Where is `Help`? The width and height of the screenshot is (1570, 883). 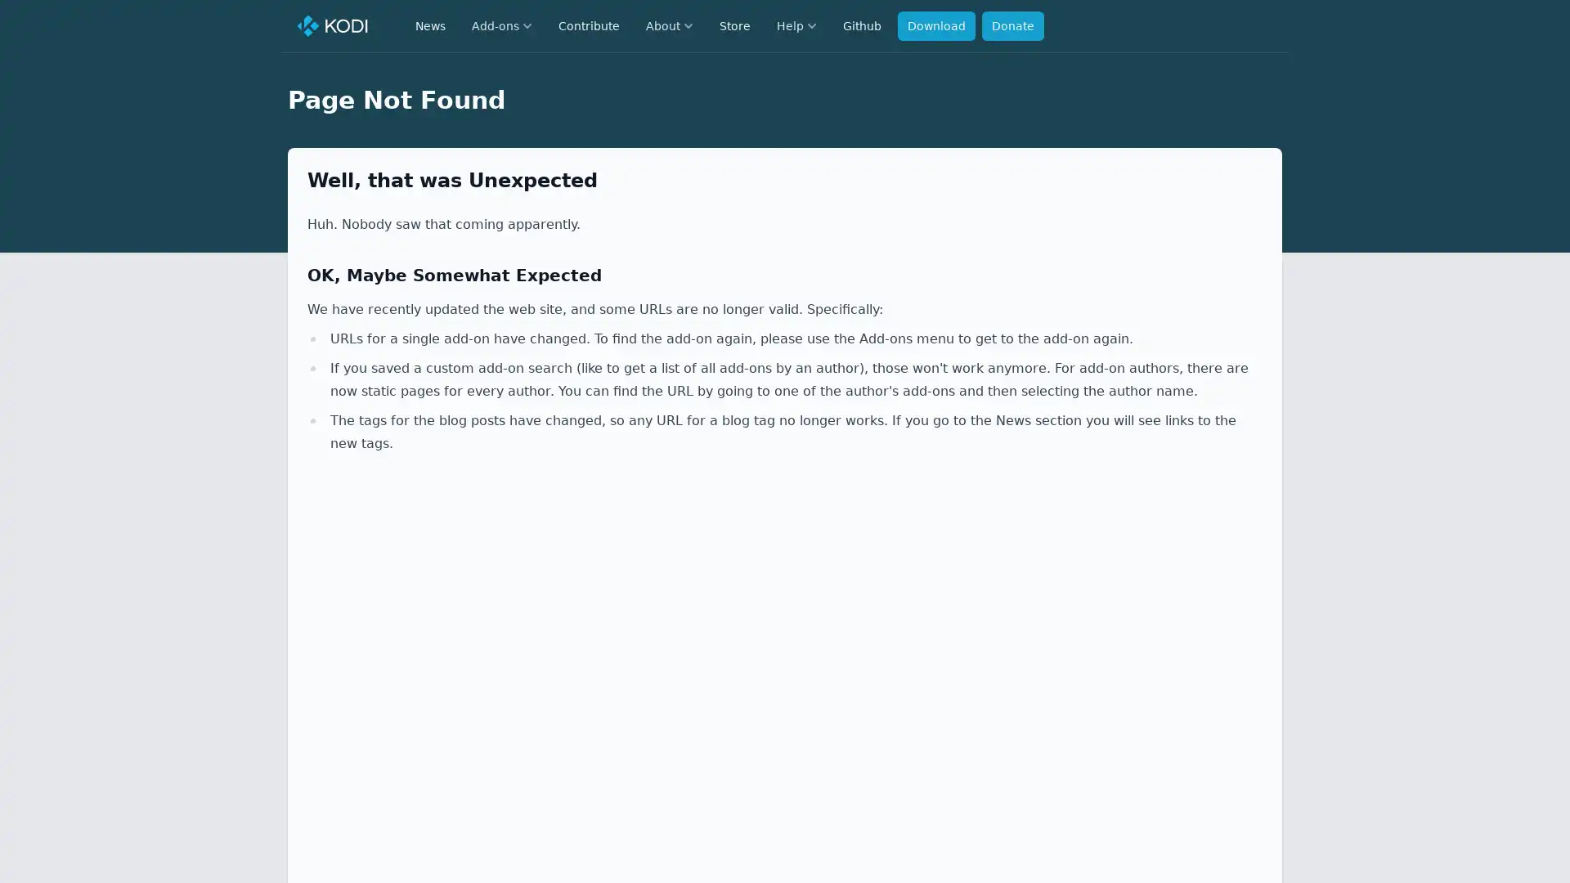
Help is located at coordinates (796, 25).